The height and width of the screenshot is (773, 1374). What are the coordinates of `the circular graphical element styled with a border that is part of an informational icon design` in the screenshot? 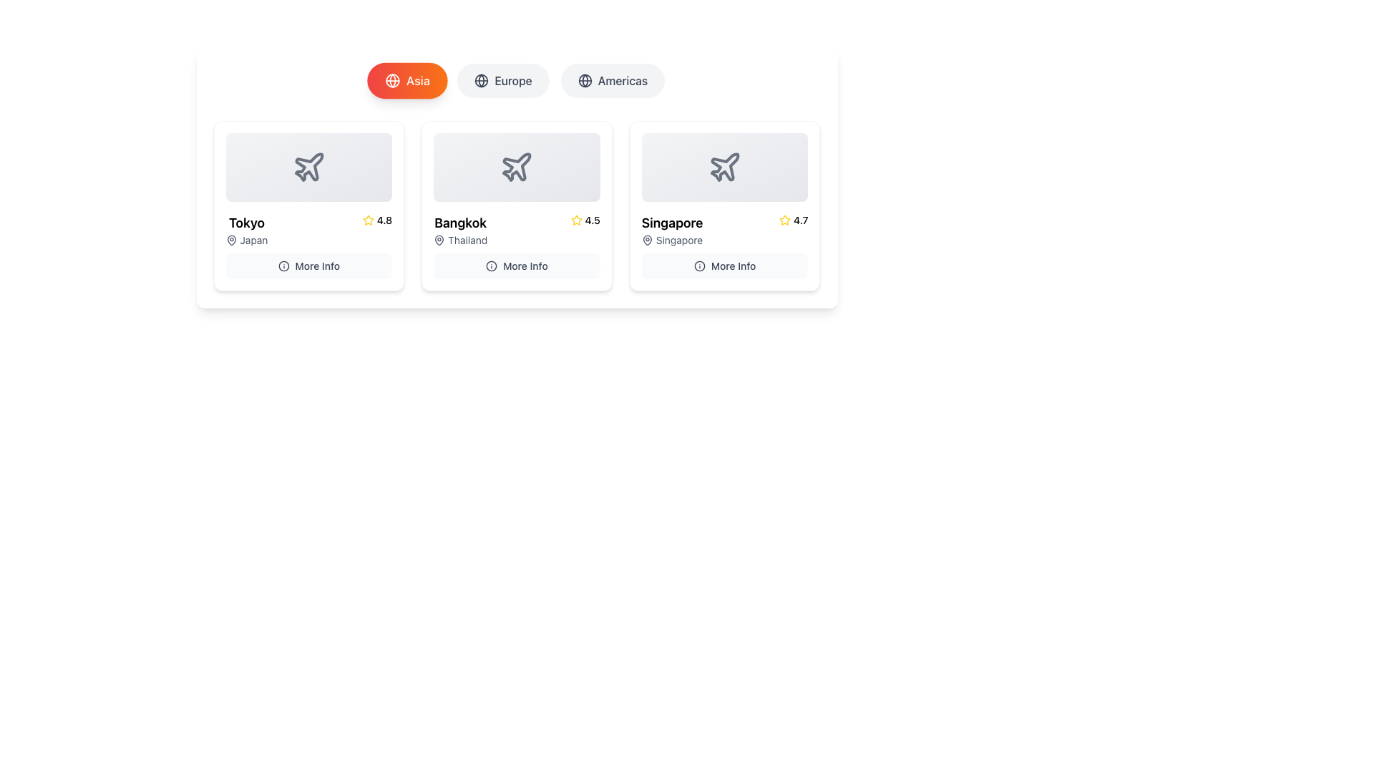 It's located at (699, 266).